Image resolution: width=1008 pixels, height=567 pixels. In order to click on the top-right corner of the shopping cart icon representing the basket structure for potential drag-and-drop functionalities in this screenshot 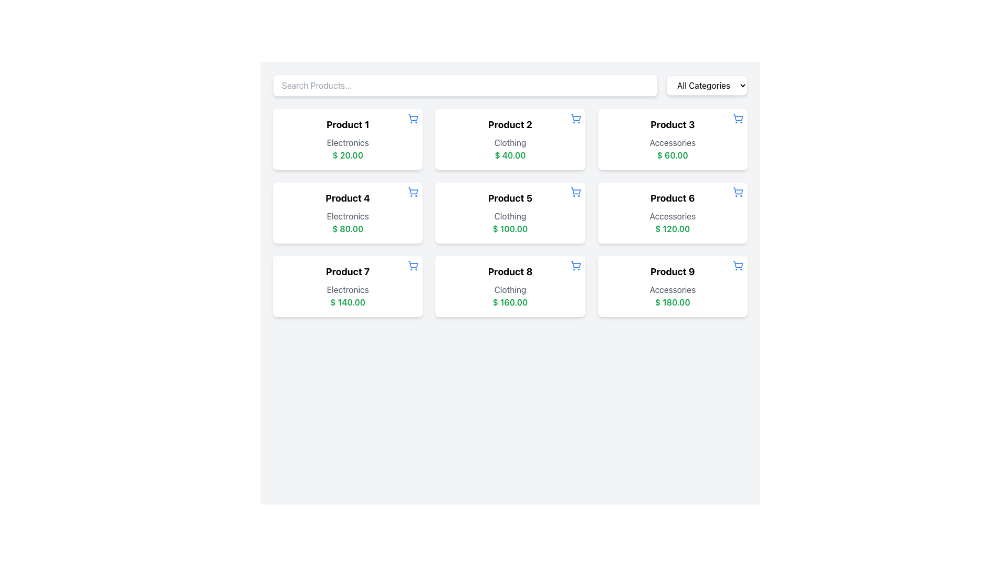, I will do `click(738, 117)`.